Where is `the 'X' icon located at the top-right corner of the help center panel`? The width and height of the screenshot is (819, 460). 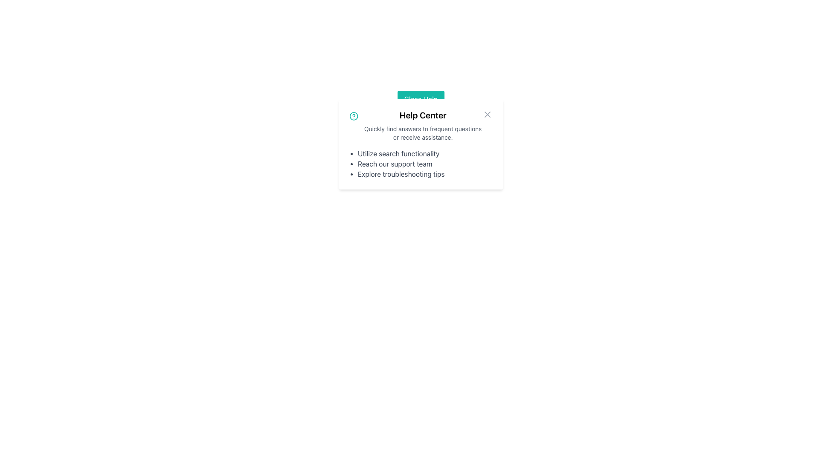
the 'X' icon located at the top-right corner of the help center panel is located at coordinates (487, 114).